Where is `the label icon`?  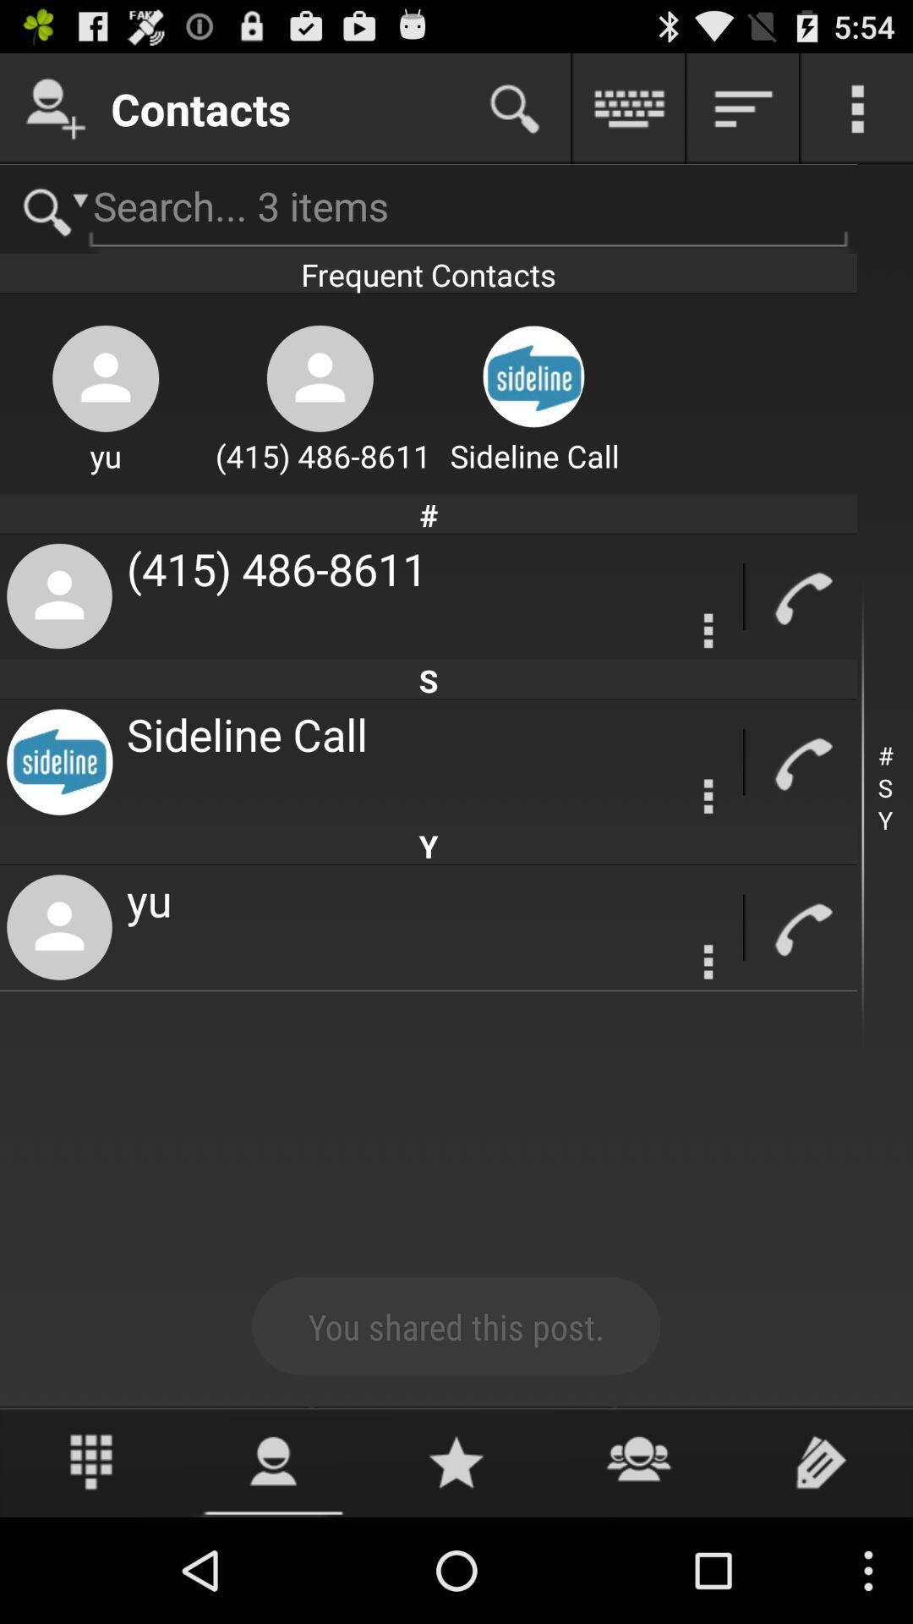 the label icon is located at coordinates (821, 1563).